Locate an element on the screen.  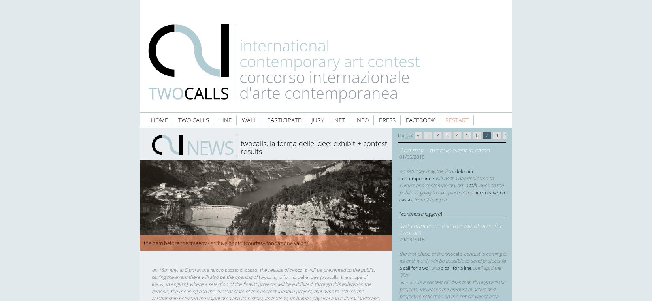
'Twocalls' is located at coordinates (298, 269).